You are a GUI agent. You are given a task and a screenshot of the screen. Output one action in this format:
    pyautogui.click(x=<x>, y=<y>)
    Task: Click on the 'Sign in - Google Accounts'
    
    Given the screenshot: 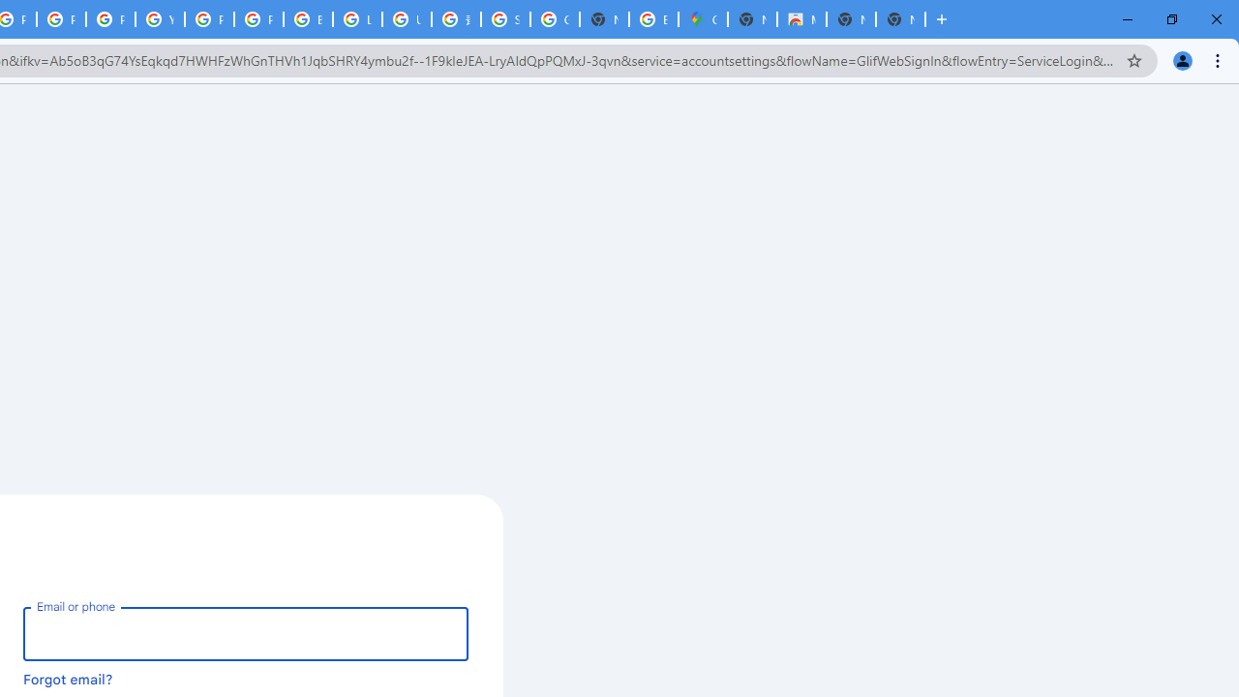 What is the action you would take?
    pyautogui.click(x=505, y=19)
    